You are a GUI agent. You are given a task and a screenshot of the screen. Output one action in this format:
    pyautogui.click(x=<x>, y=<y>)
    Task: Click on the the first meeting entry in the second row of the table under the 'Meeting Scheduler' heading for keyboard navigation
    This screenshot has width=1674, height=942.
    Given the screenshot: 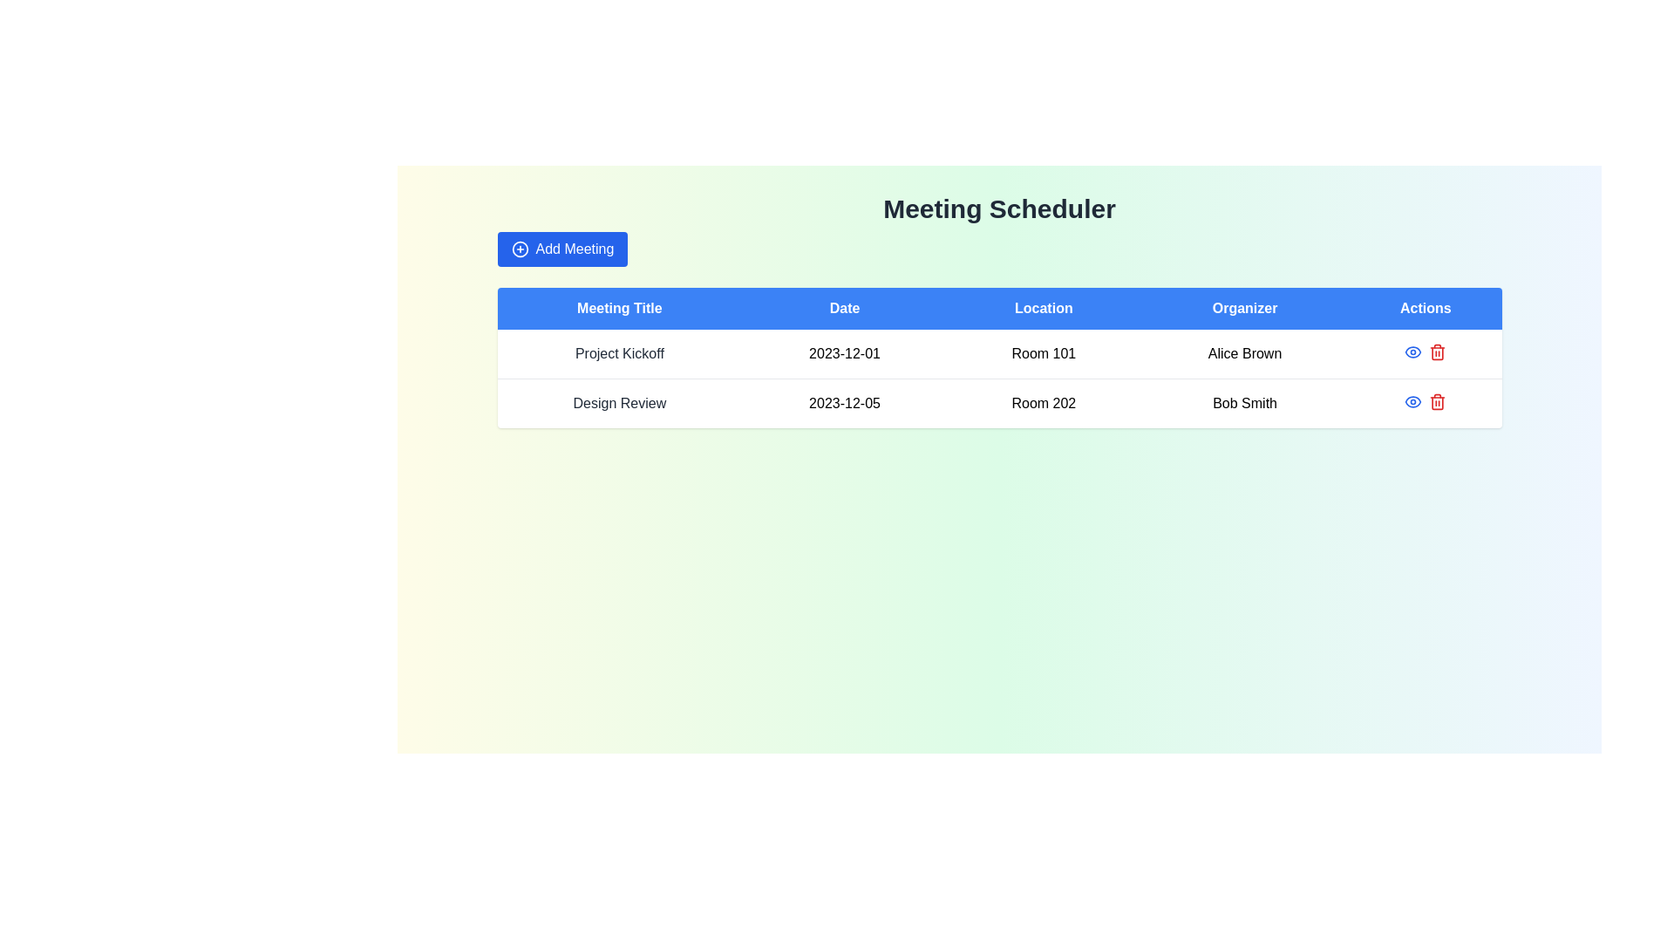 What is the action you would take?
    pyautogui.click(x=999, y=353)
    